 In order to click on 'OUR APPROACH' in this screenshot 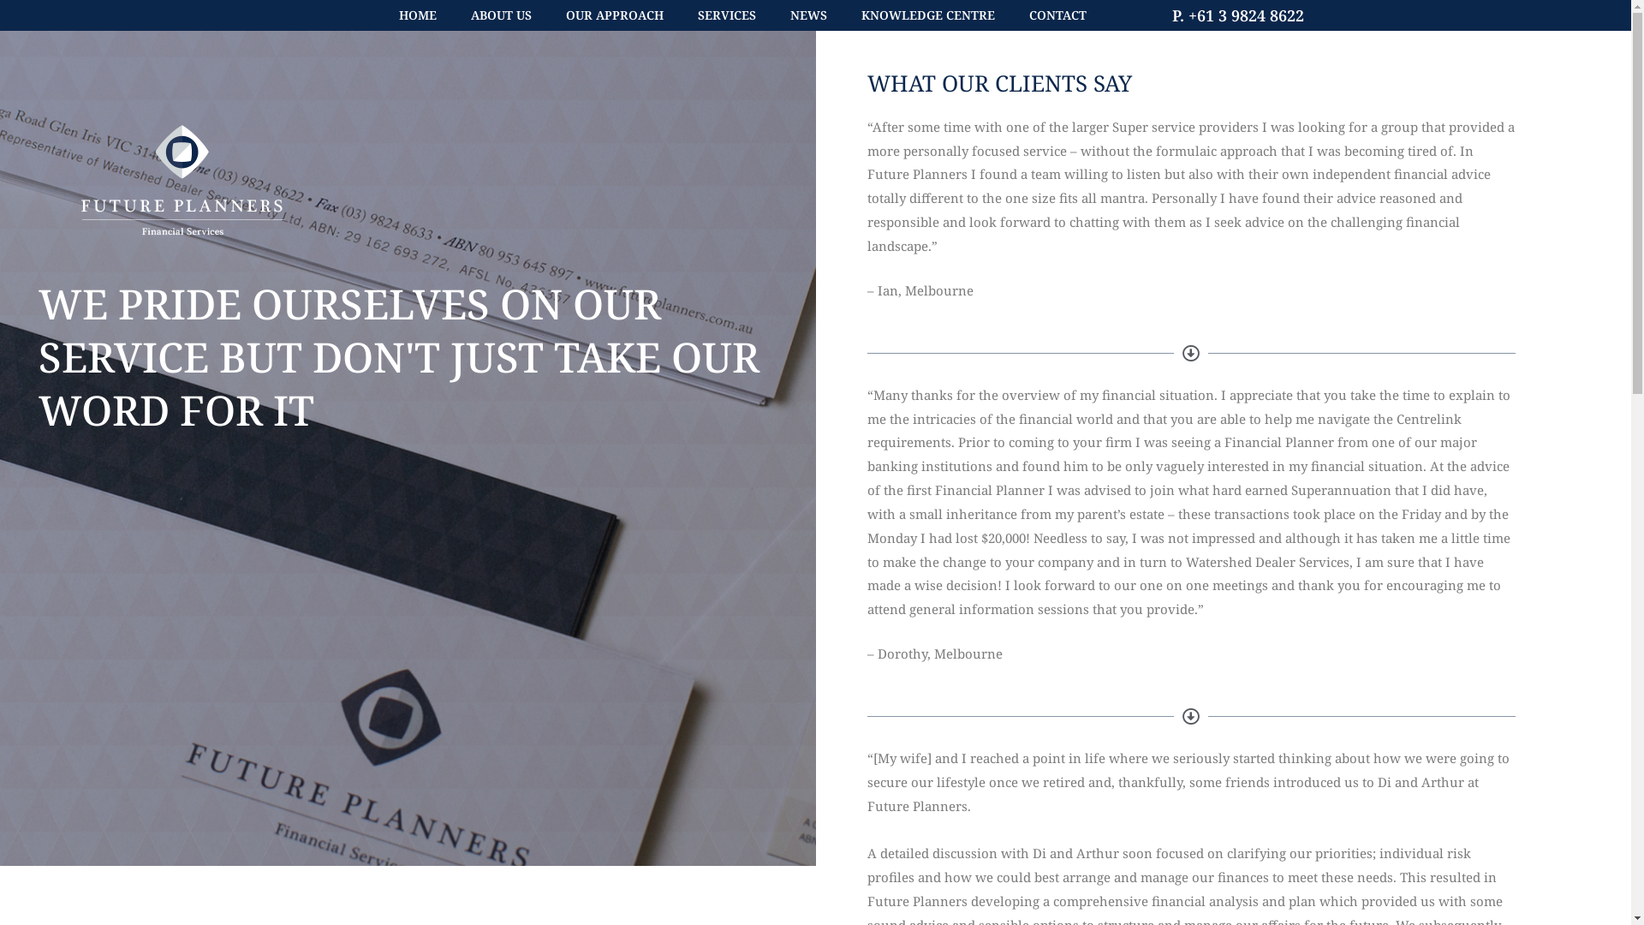, I will do `click(613, 15)`.